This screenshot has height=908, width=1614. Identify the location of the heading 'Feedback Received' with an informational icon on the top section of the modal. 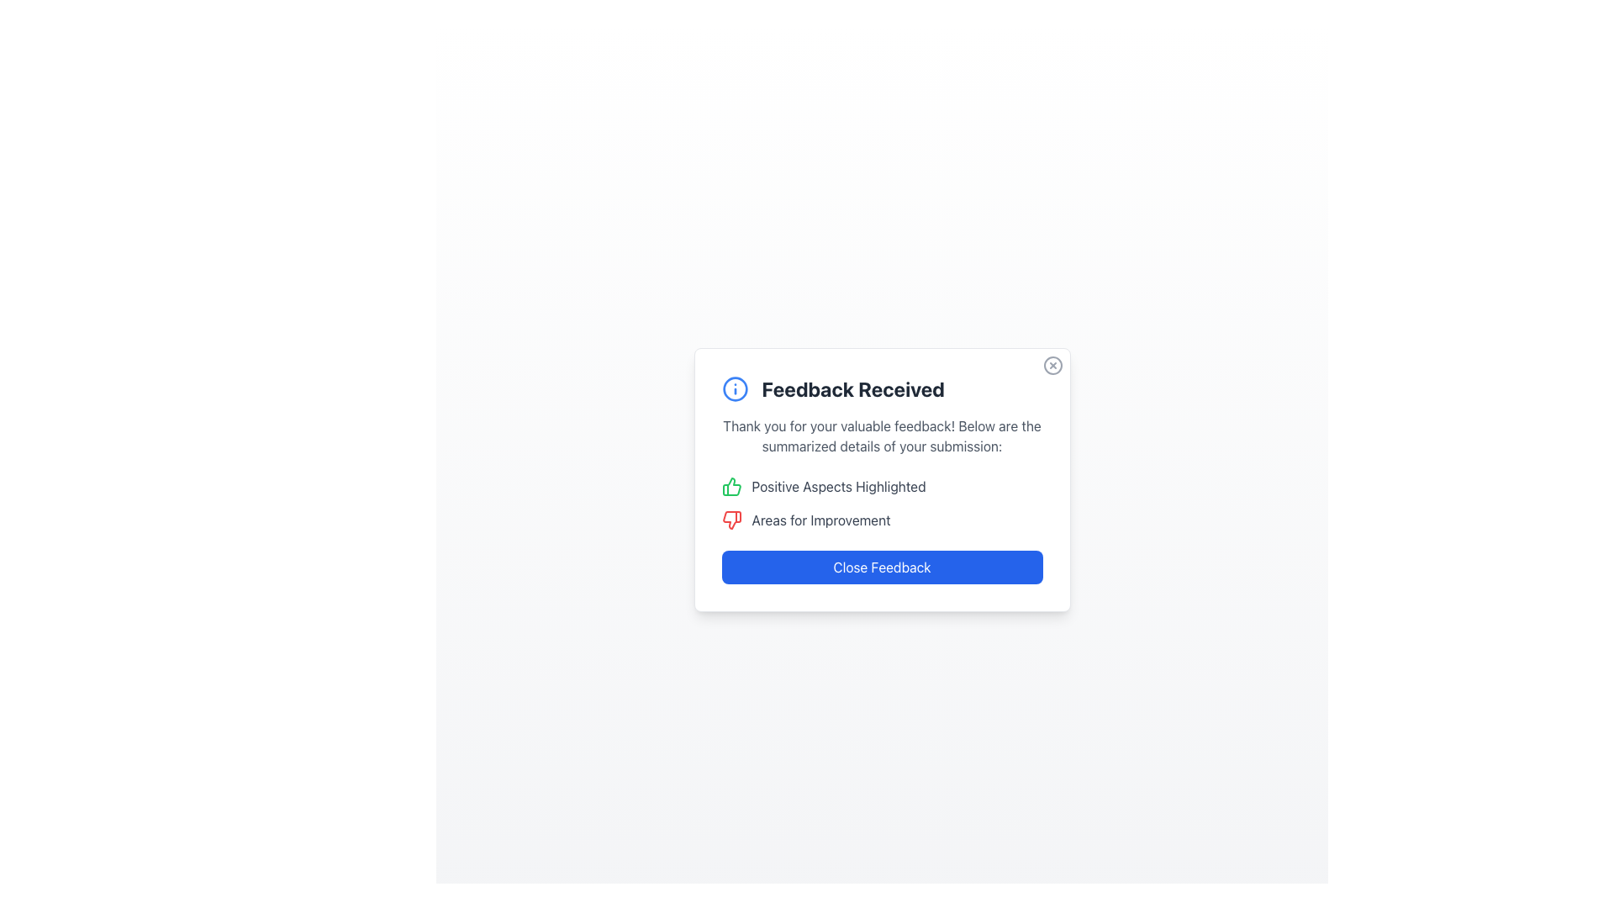
(881, 388).